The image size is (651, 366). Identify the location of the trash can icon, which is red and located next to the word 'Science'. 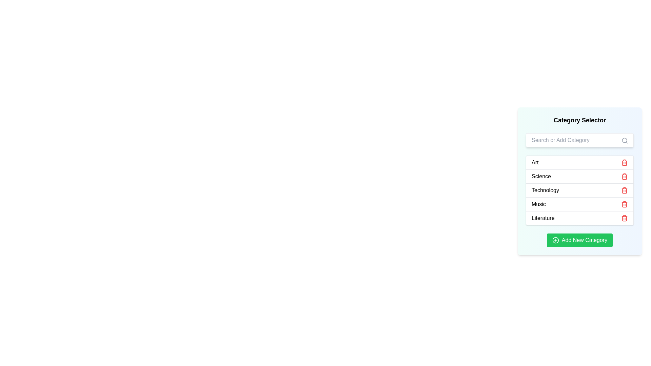
(624, 176).